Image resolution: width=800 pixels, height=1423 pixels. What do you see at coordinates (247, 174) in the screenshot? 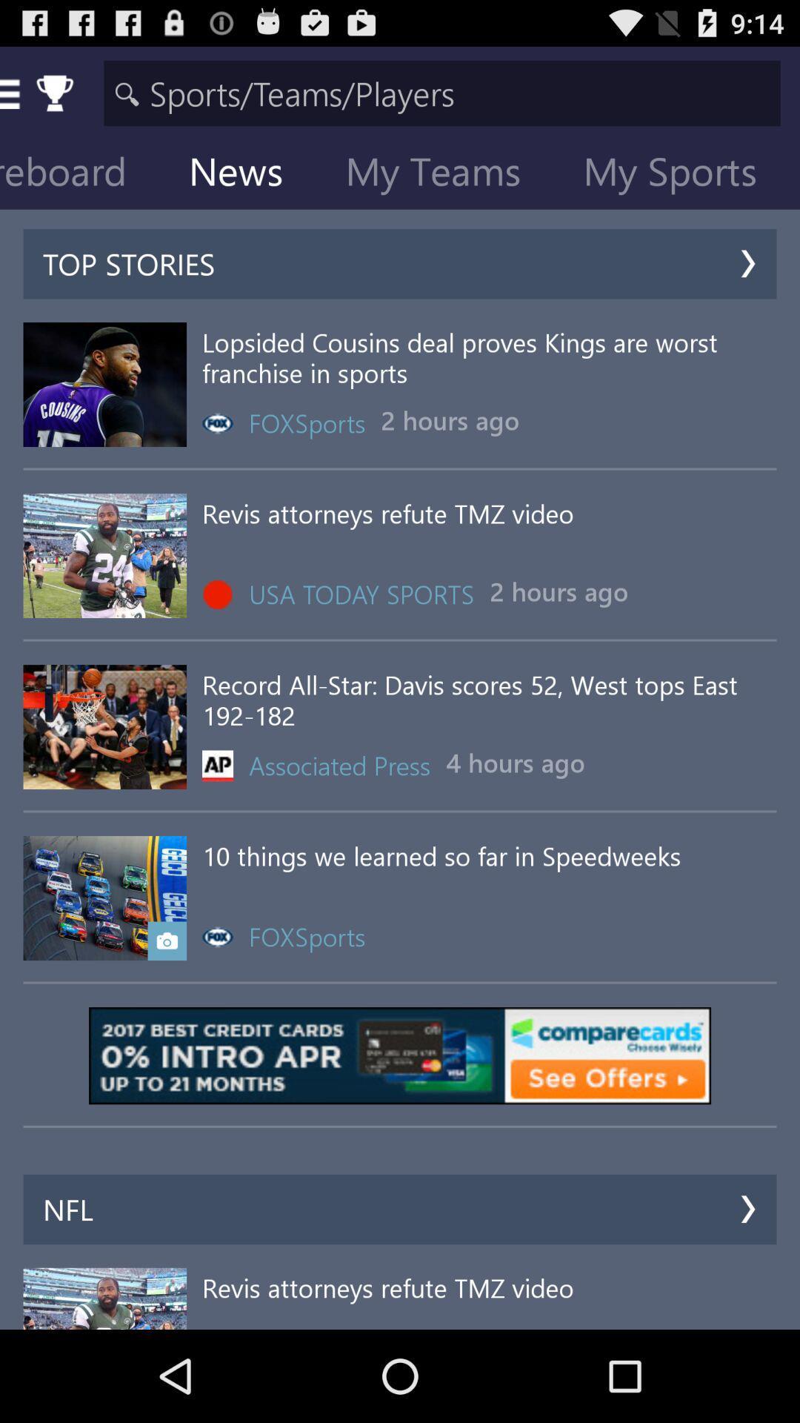
I see `the item above top stories` at bounding box center [247, 174].